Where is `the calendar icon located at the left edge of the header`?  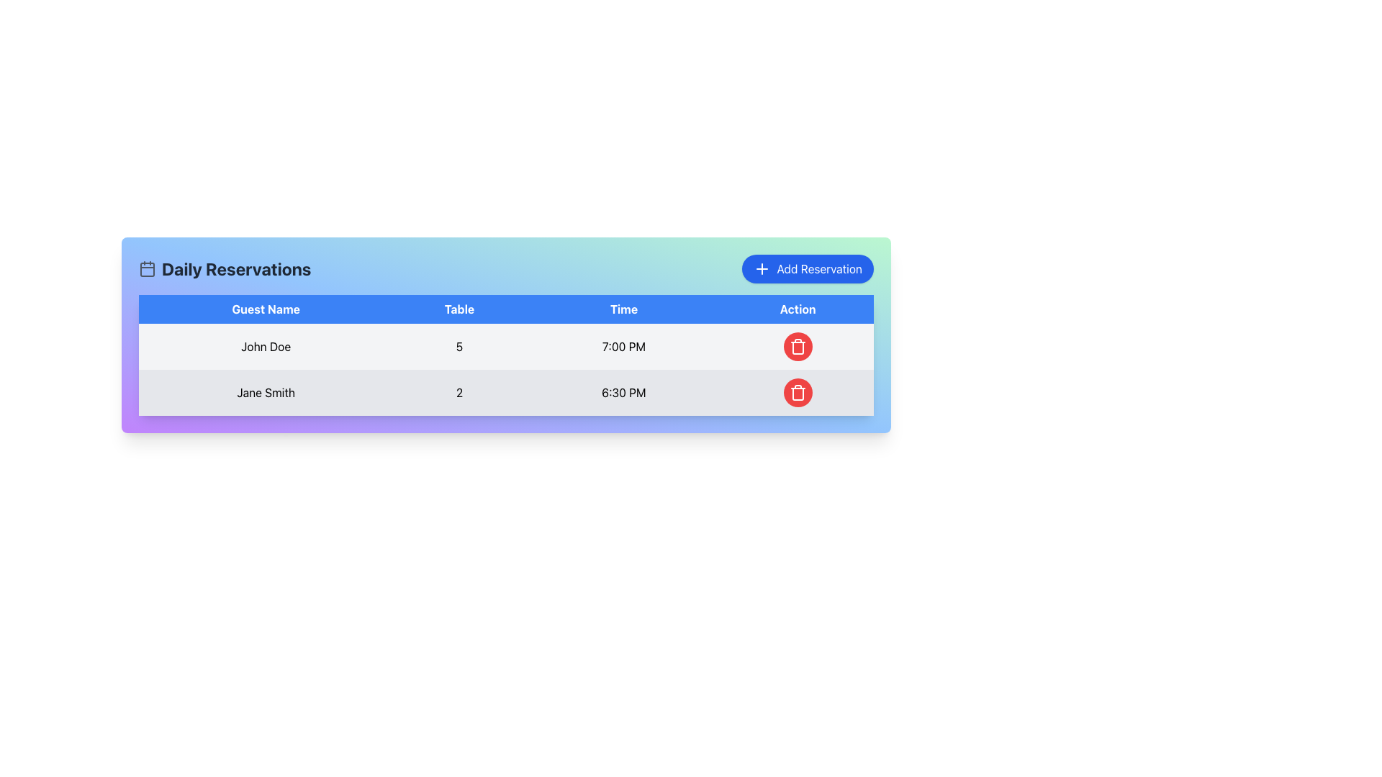 the calendar icon located at the left edge of the header is located at coordinates (148, 269).